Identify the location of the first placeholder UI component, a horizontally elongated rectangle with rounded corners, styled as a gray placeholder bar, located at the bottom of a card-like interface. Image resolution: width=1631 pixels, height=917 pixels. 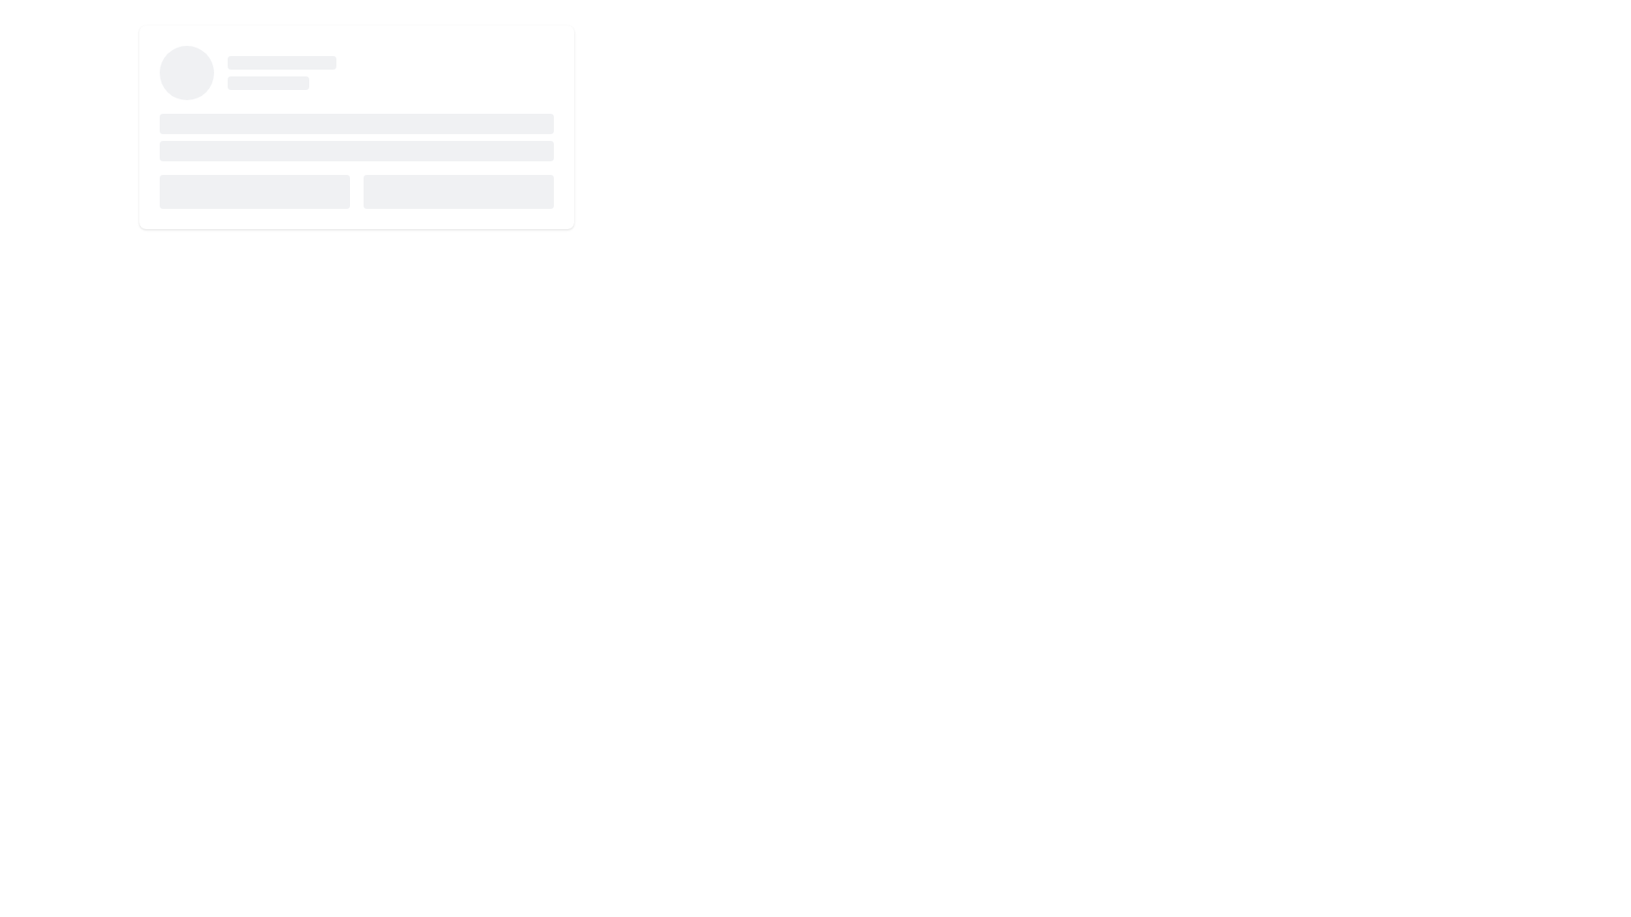
(253, 191).